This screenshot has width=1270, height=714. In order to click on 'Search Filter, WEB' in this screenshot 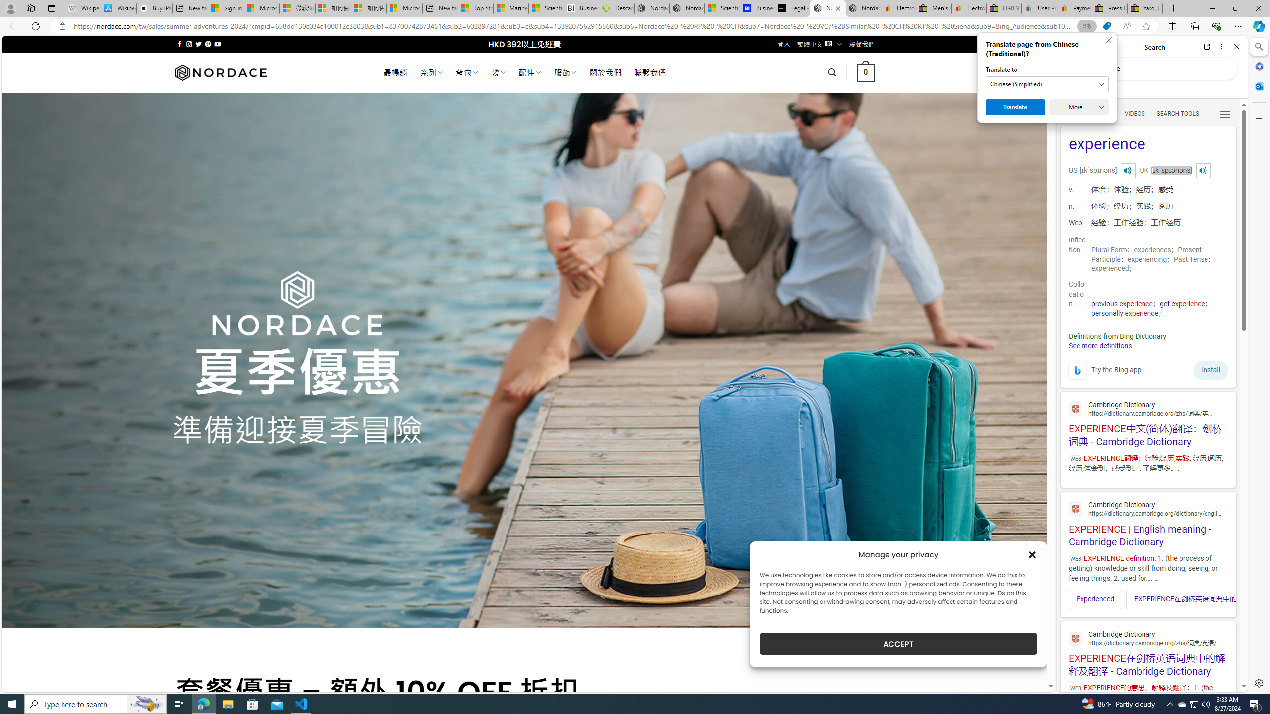, I will do `click(1073, 113)`.